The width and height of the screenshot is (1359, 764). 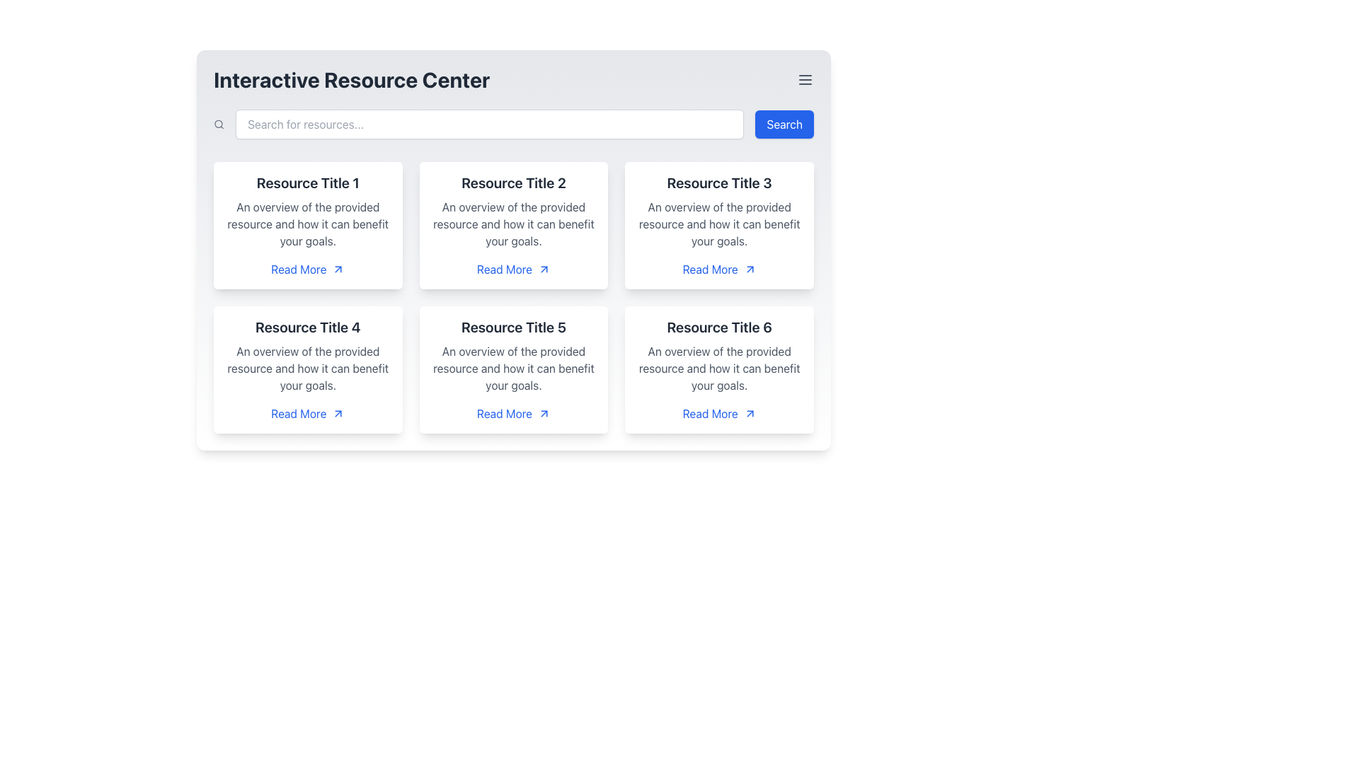 I want to click on the descriptive text element that provides an explanation of 'Resource Title 5', located in the second row and second column of the card layout, so click(x=512, y=367).